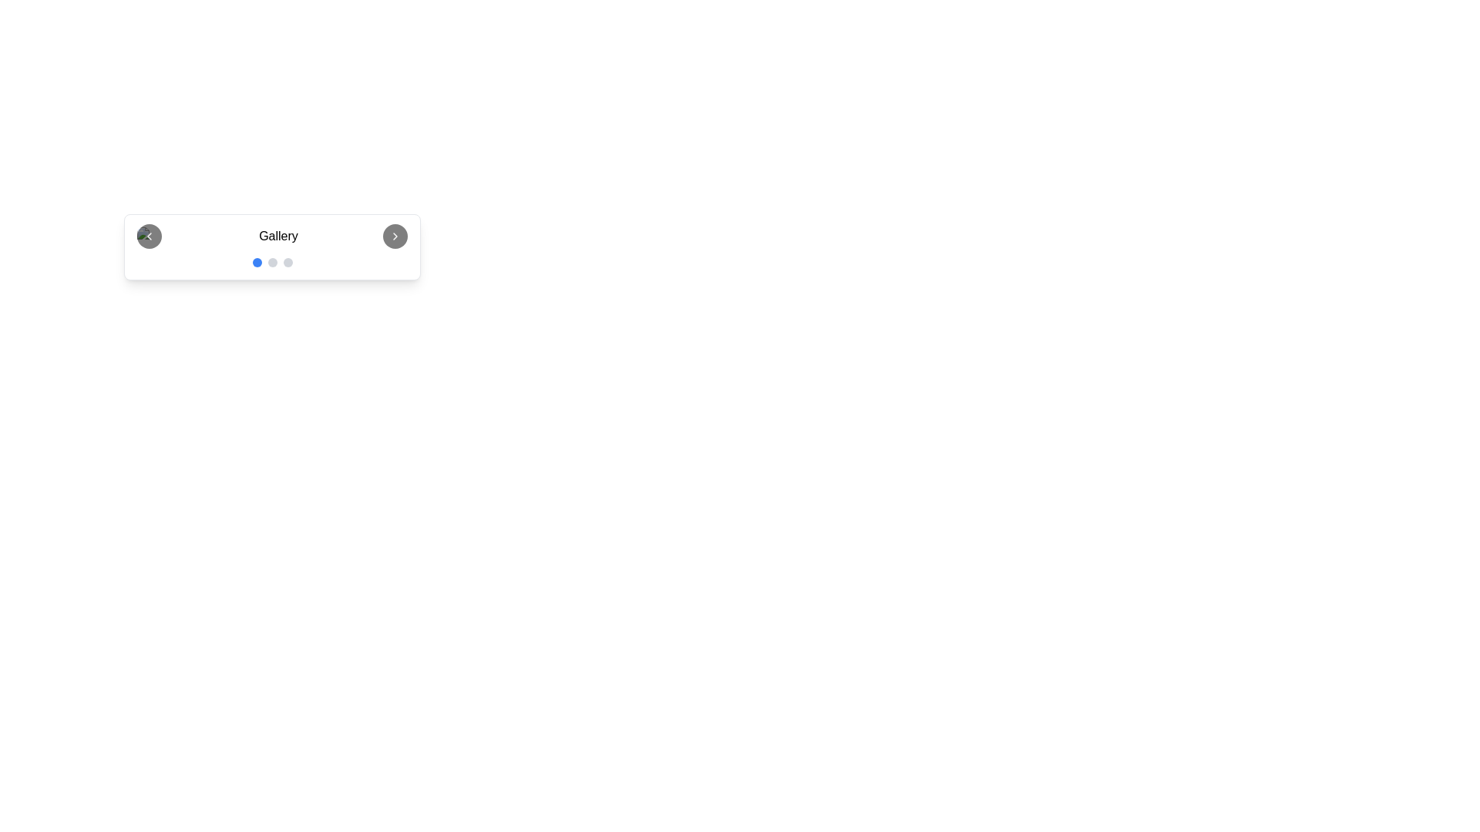 This screenshot has width=1480, height=832. What do you see at coordinates (395, 237) in the screenshot?
I see `the right-facing chevron icon within the circular button on the far right of the panel` at bounding box center [395, 237].